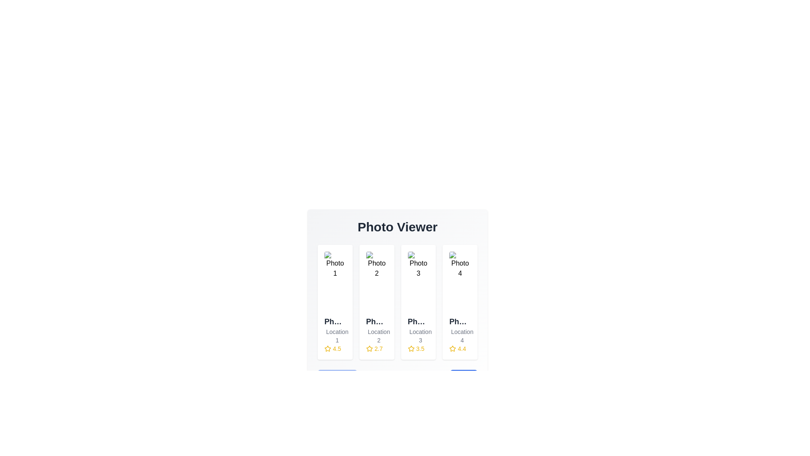  I want to click on the visual representation for 'Photo 4', so click(459, 282).